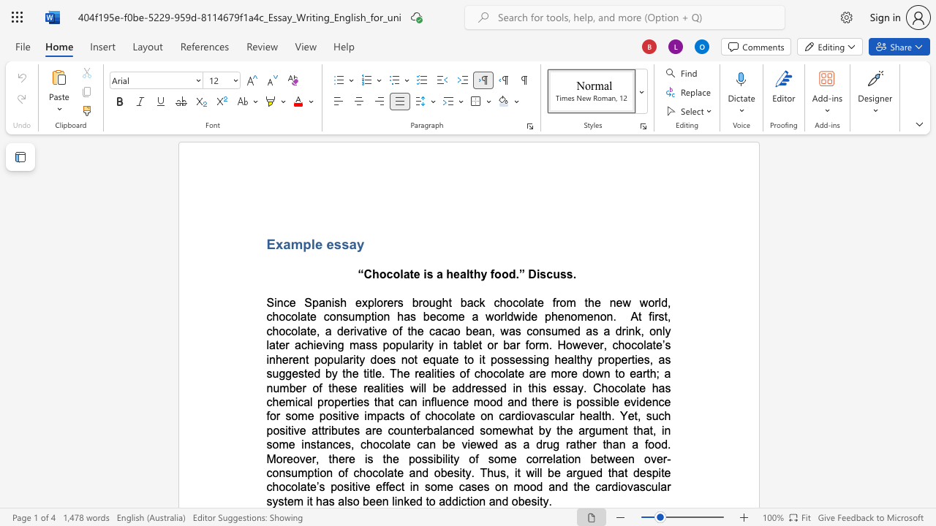  I want to click on the space between the continuous character "n" and "k" in the text, so click(403, 500).